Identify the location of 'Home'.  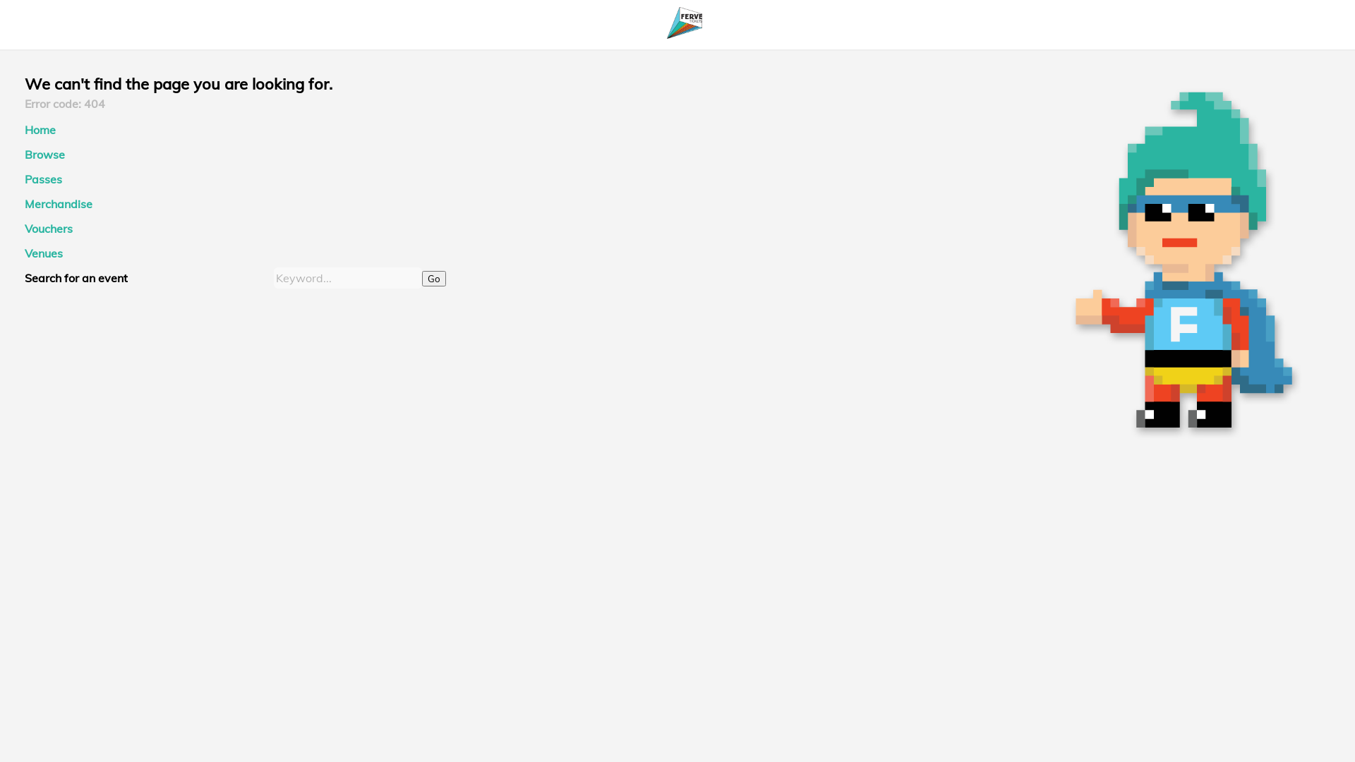
(40, 130).